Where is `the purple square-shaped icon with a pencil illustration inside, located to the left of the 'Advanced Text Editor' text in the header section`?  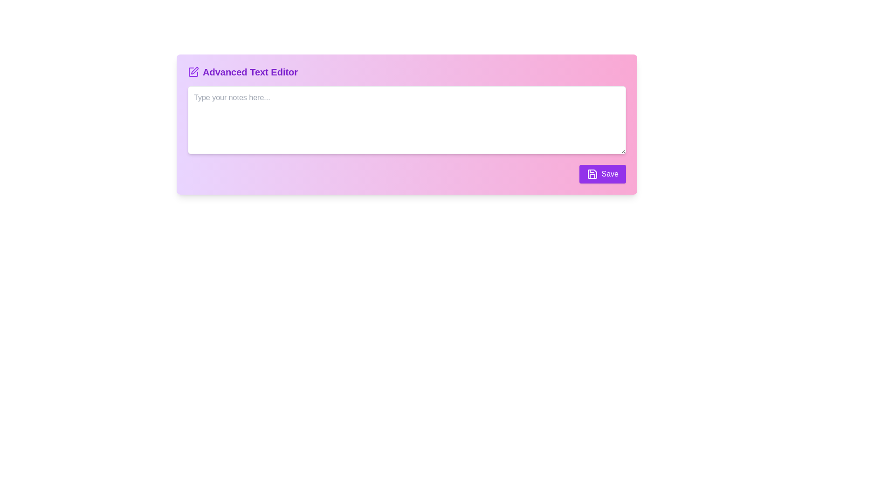 the purple square-shaped icon with a pencil illustration inside, located to the left of the 'Advanced Text Editor' text in the header section is located at coordinates (193, 71).